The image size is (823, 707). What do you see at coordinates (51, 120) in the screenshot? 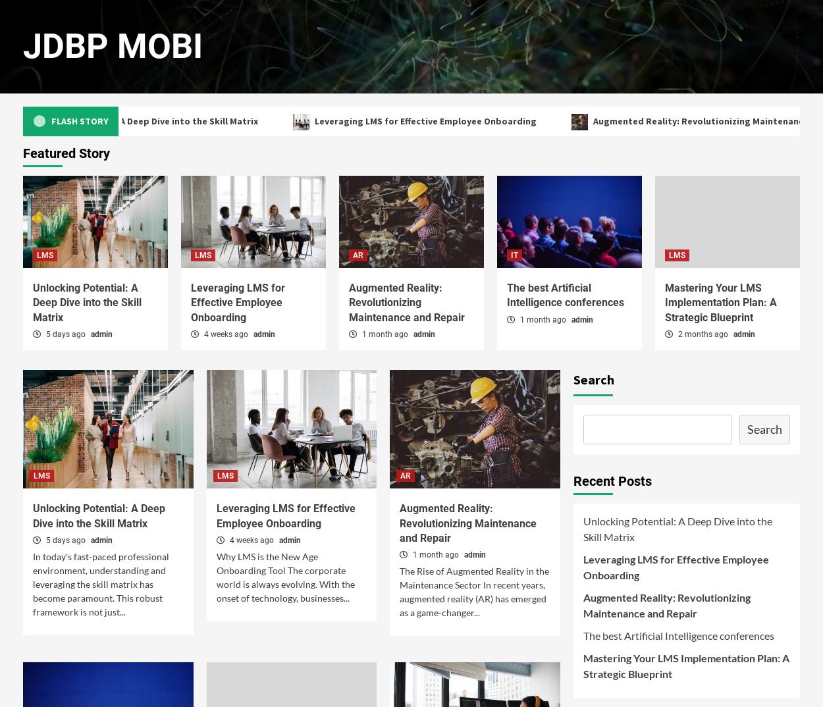
I see `'Flash Story'` at bounding box center [51, 120].